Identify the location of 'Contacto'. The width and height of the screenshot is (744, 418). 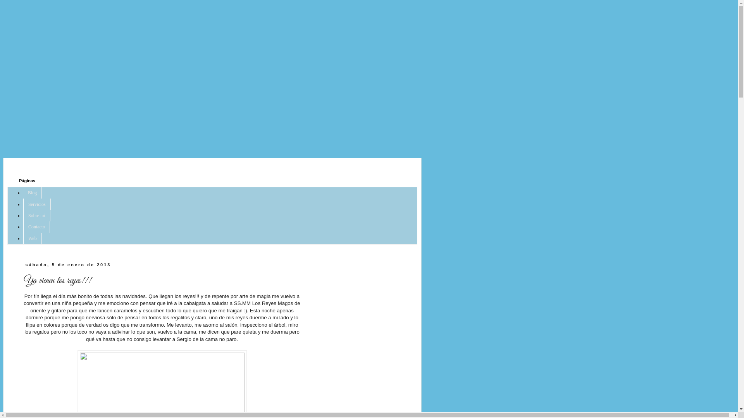
(36, 226).